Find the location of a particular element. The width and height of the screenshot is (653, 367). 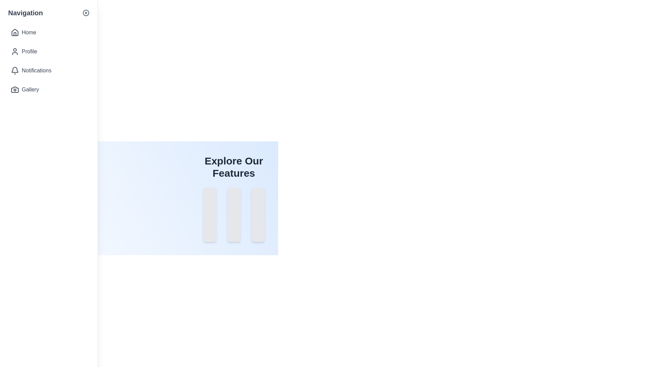

the Notifications button in the vertical navigation bar to observe a background color change is located at coordinates (48, 71).